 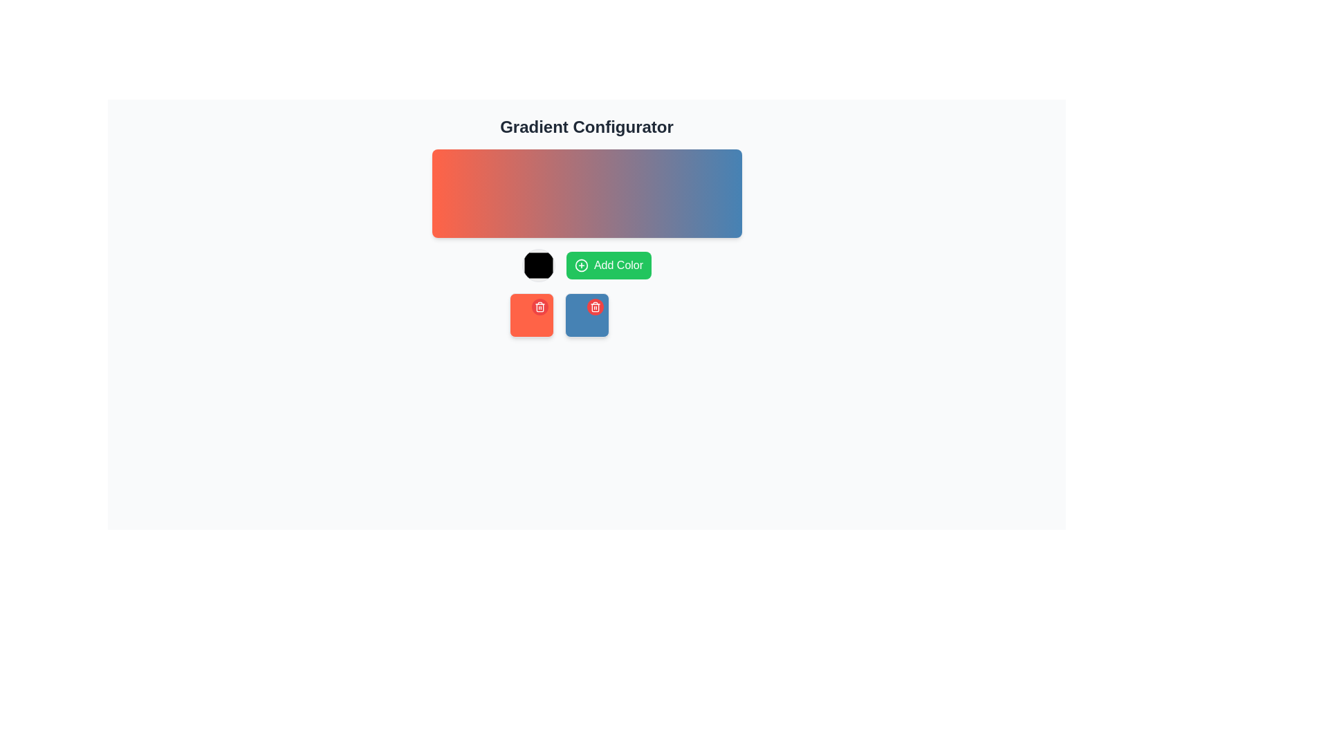 I want to click on the trash bin icon within the red circular button, so click(x=539, y=306).